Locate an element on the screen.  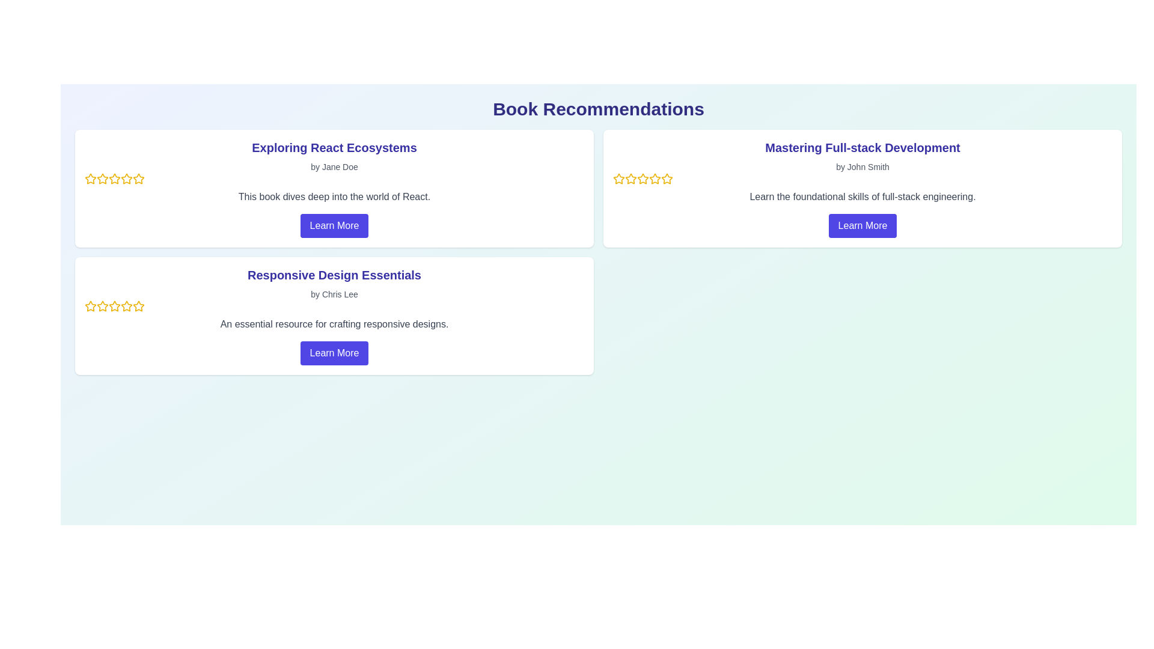
the text element that reads 'An essential resource for crafting responsive designs.' which is located below the title 'Responsive Design Essentials' and above the 'Learn More' button is located at coordinates (334, 324).